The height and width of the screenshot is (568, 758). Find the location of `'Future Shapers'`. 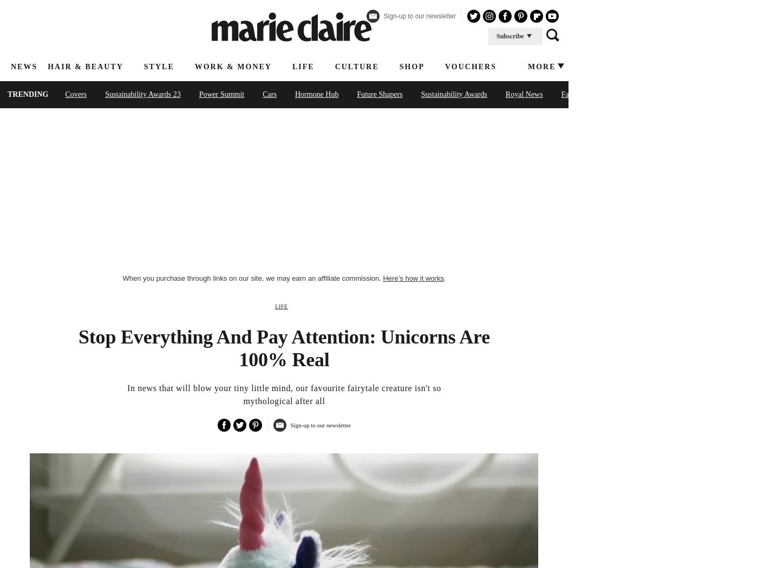

'Future Shapers' is located at coordinates (379, 94).